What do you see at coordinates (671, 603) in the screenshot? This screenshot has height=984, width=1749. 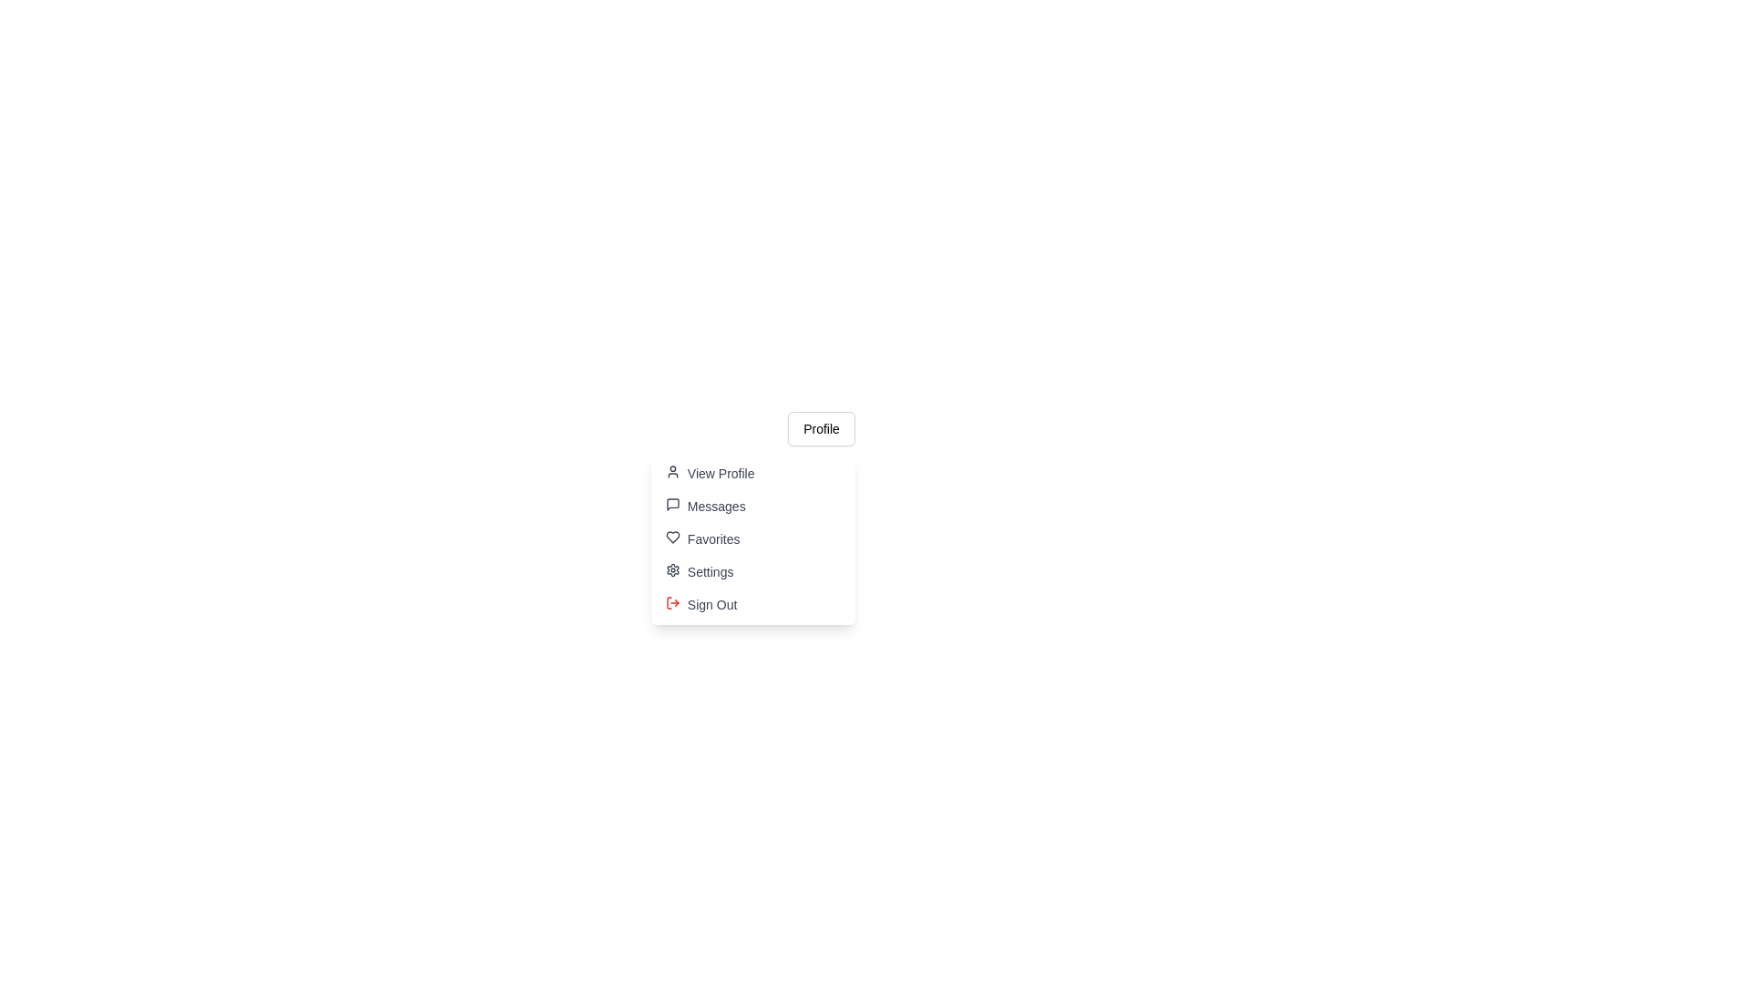 I see `the red logout icon located to the left of the 'Sign Out' text in the dropdown menu` at bounding box center [671, 603].